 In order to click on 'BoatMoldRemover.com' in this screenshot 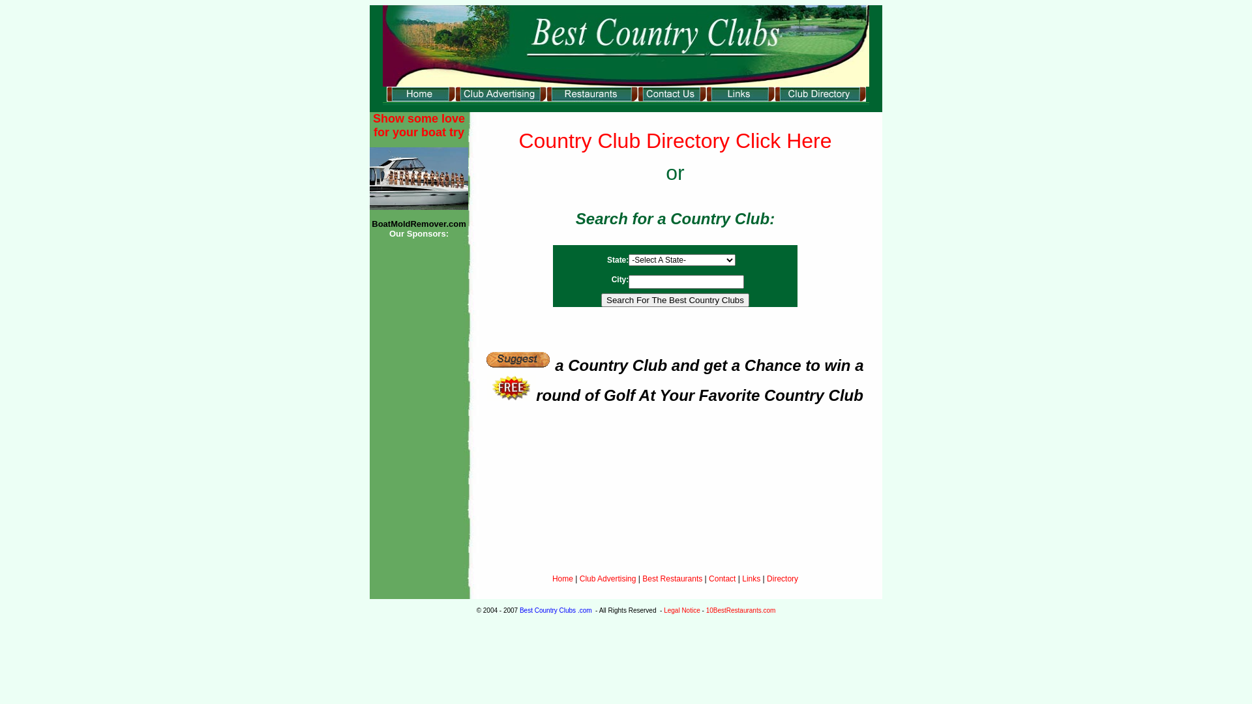, I will do `click(419, 223)`.